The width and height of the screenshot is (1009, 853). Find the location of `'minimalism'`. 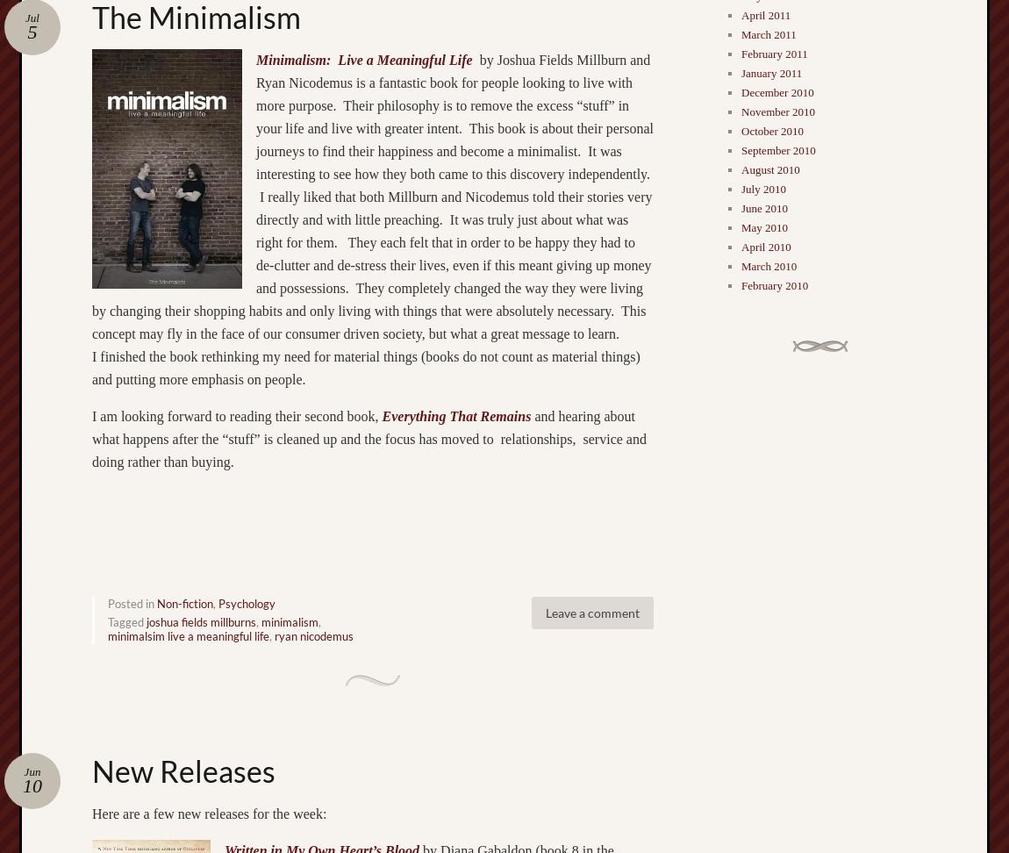

'minimalism' is located at coordinates (290, 620).